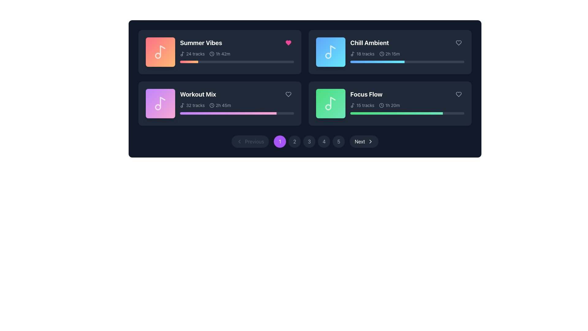 The image size is (588, 331). Describe the element at coordinates (201, 42) in the screenshot. I see `text of the Text Label that serves as the title for the music playlist or album, located at the top of the first card in the upper-left corner of the interface` at that location.